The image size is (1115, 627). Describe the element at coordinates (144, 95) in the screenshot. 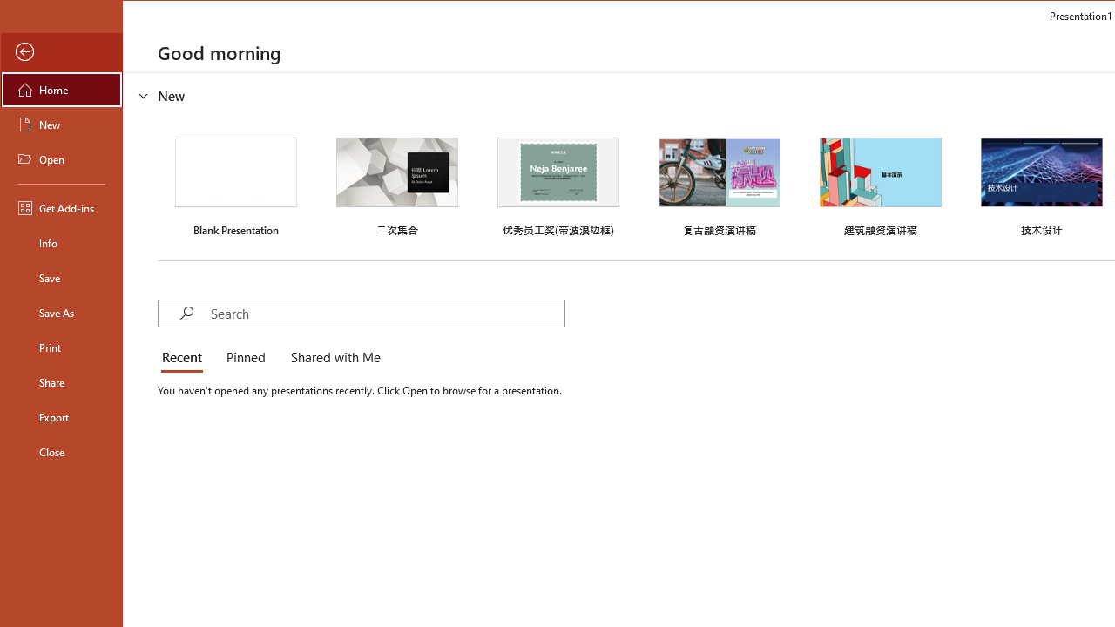

I see `'Hide or show region'` at that location.